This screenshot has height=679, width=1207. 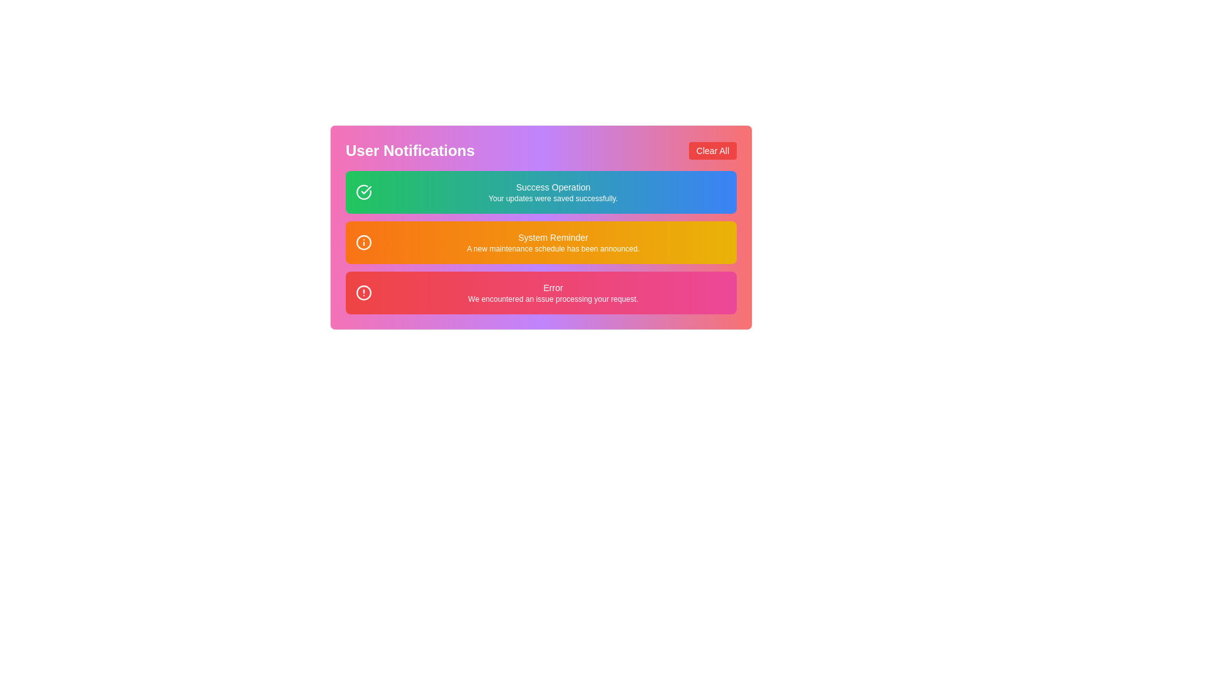 What do you see at coordinates (553, 198) in the screenshot?
I see `the static confirmation message that indicates successful updates have been saved, located in the topmost notification box below the 'Success Operation' text` at bounding box center [553, 198].